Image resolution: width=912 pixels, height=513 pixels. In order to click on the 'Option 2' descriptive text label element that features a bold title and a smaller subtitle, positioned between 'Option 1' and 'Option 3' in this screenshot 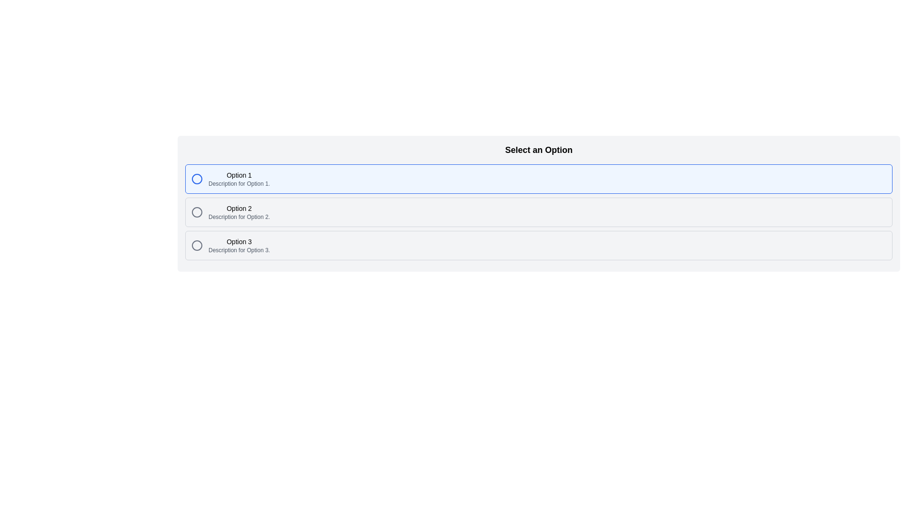, I will do `click(239, 212)`.